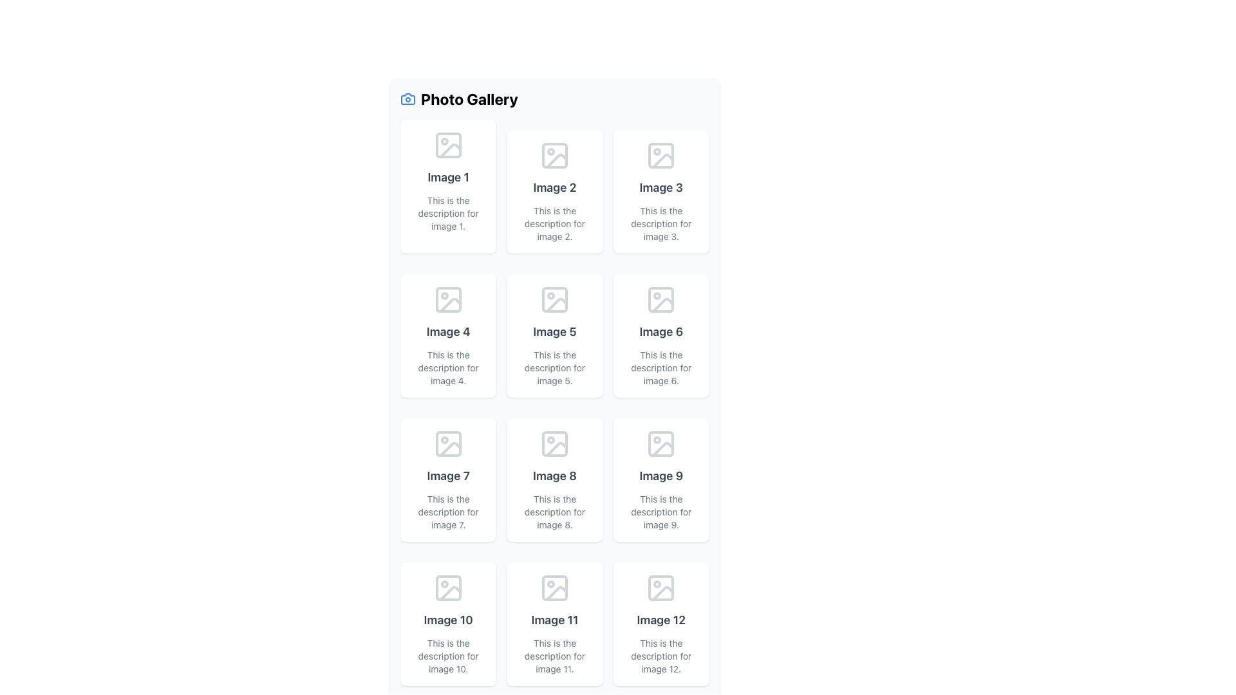  I want to click on the text label reading 'This is the description for image 9.' which is styled with a small font size and gray color, located below the heading 'Image 9' in the ninth card of the photo gallery interface, so click(661, 511).